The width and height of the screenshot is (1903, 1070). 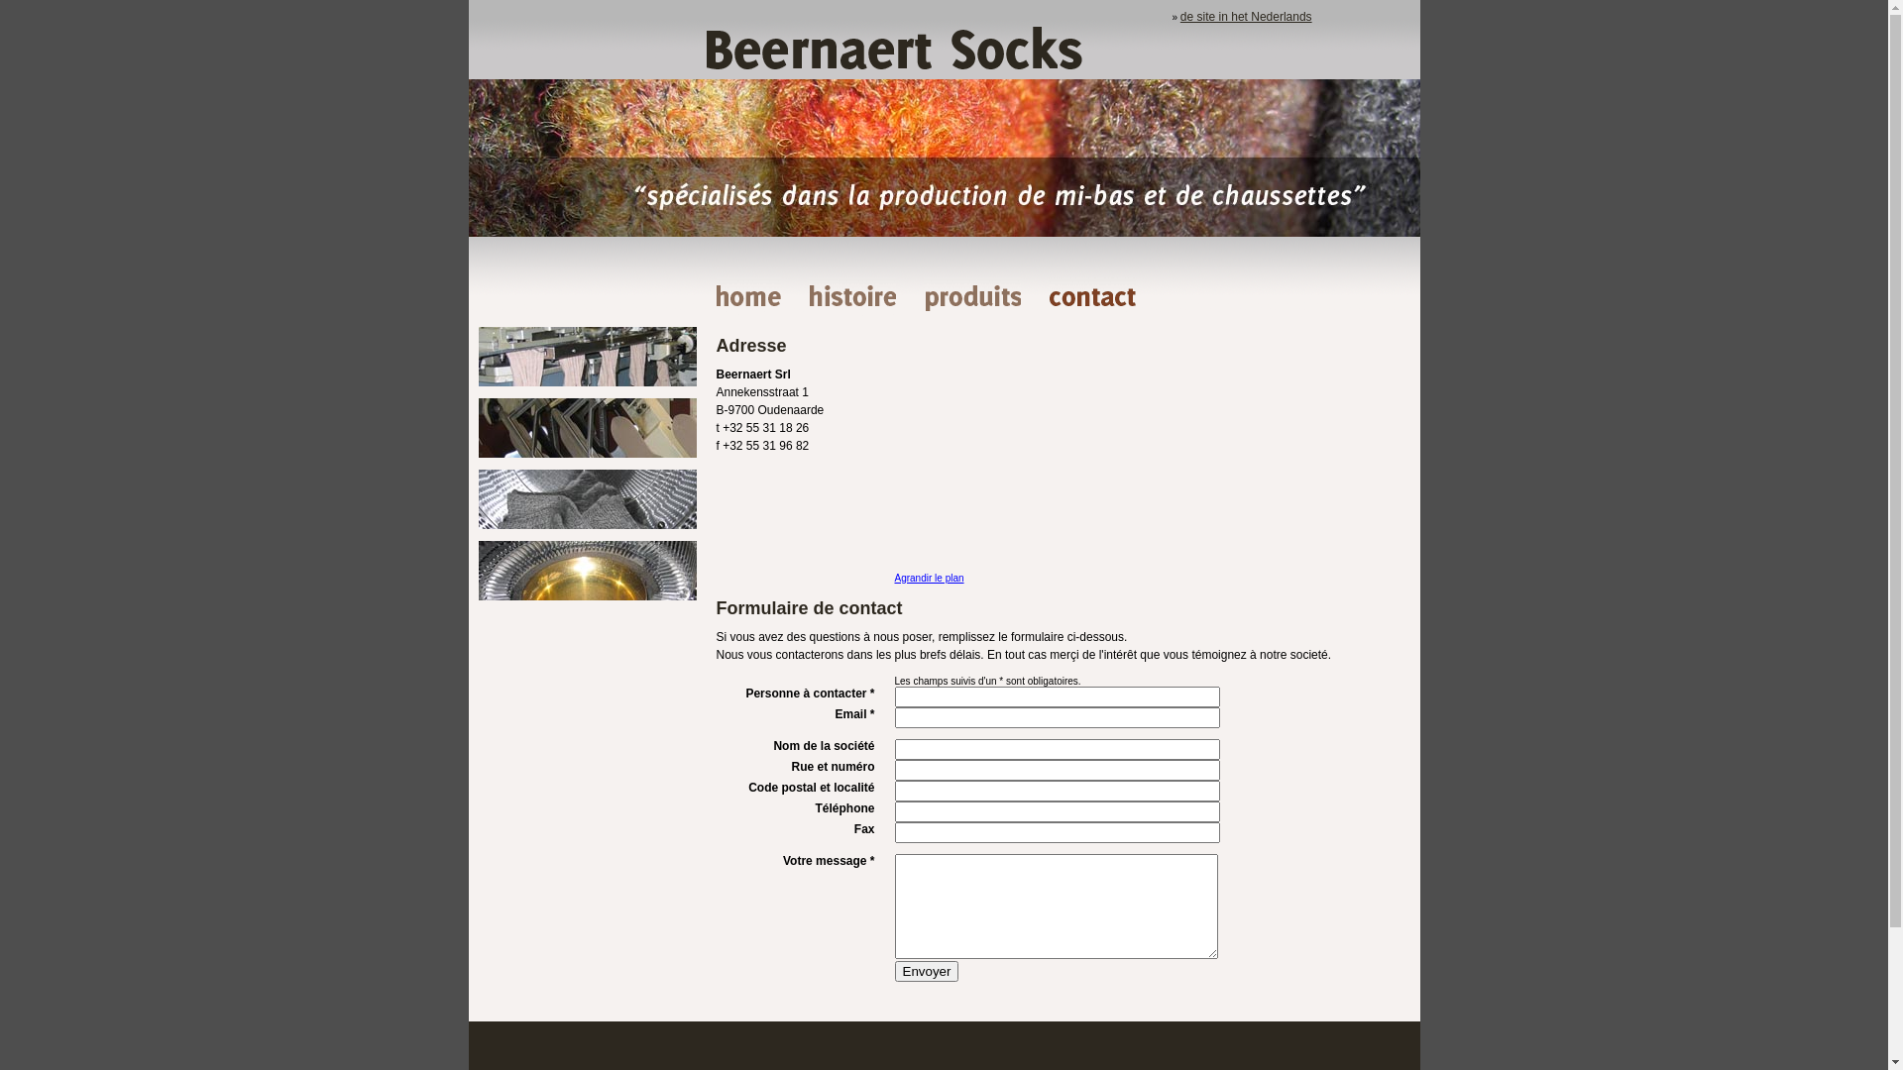 I want to click on 'Envoyer', so click(x=893, y=970).